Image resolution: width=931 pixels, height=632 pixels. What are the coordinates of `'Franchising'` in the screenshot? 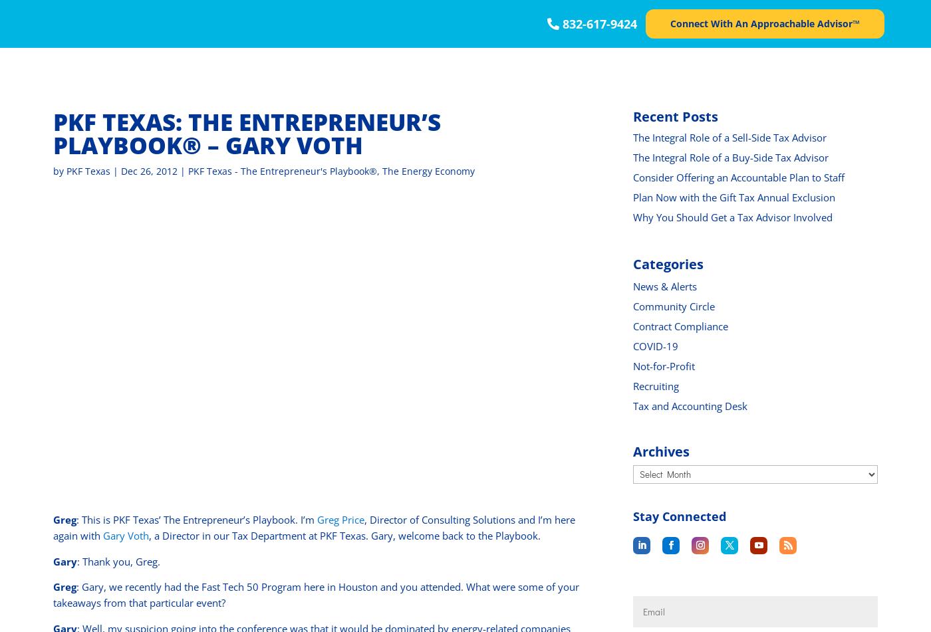 It's located at (297, 221).